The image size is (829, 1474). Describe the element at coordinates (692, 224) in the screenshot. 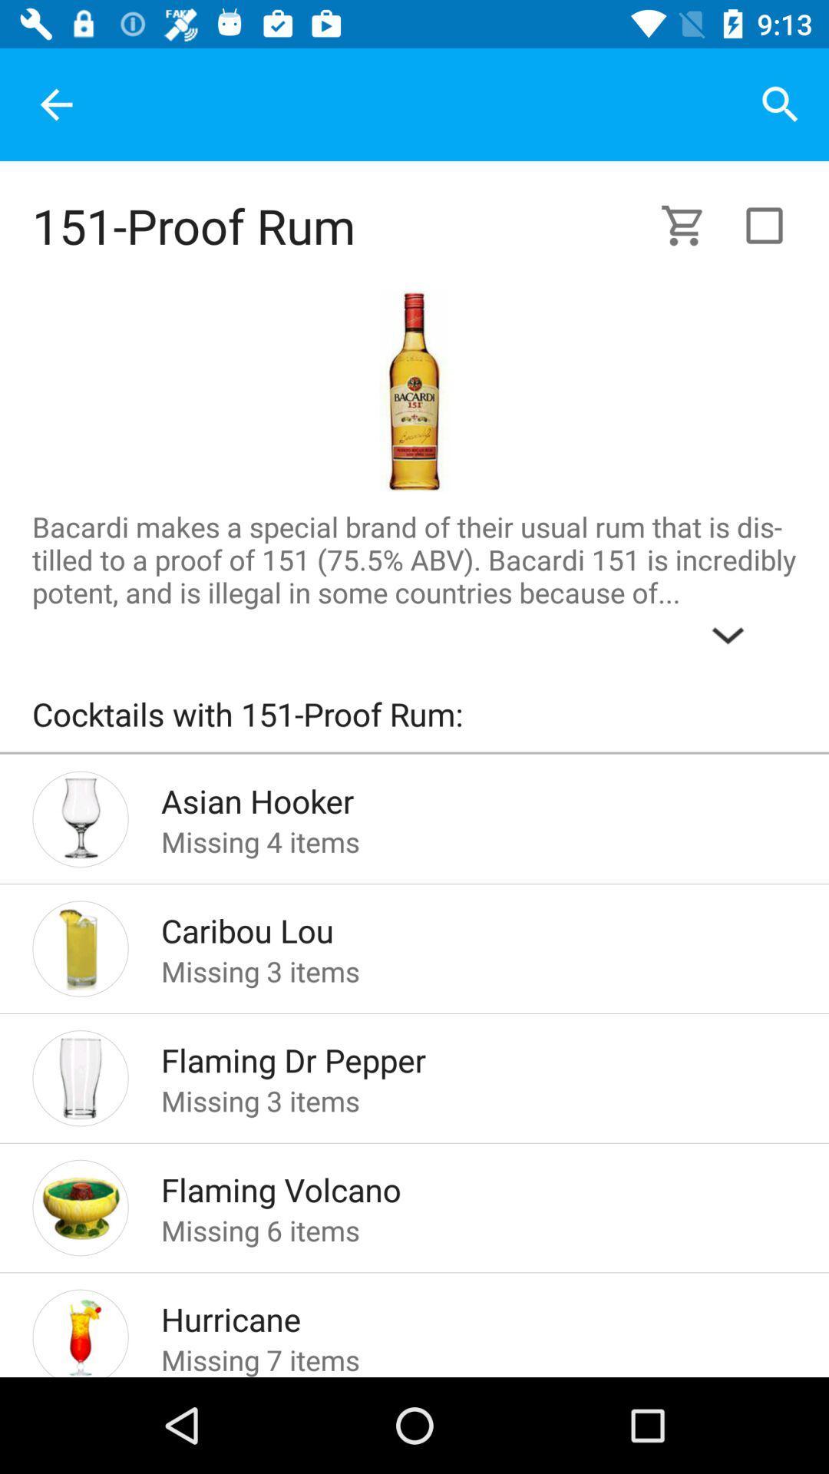

I see `shopping cart` at that location.